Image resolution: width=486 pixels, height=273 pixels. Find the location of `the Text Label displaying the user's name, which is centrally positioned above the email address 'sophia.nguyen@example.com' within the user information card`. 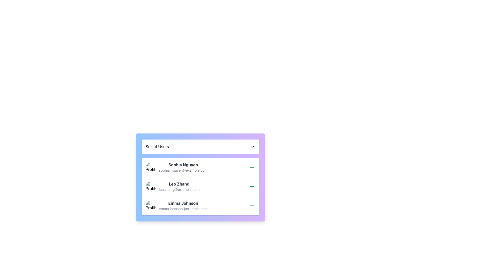

the Text Label displaying the user's name, which is centrally positioned above the email address 'sophia.nguyen@example.com' within the user information card is located at coordinates (183, 165).